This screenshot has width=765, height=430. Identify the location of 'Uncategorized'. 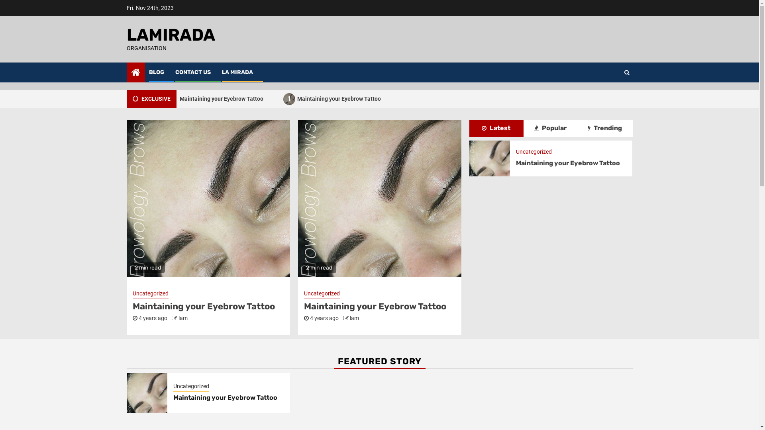
(150, 294).